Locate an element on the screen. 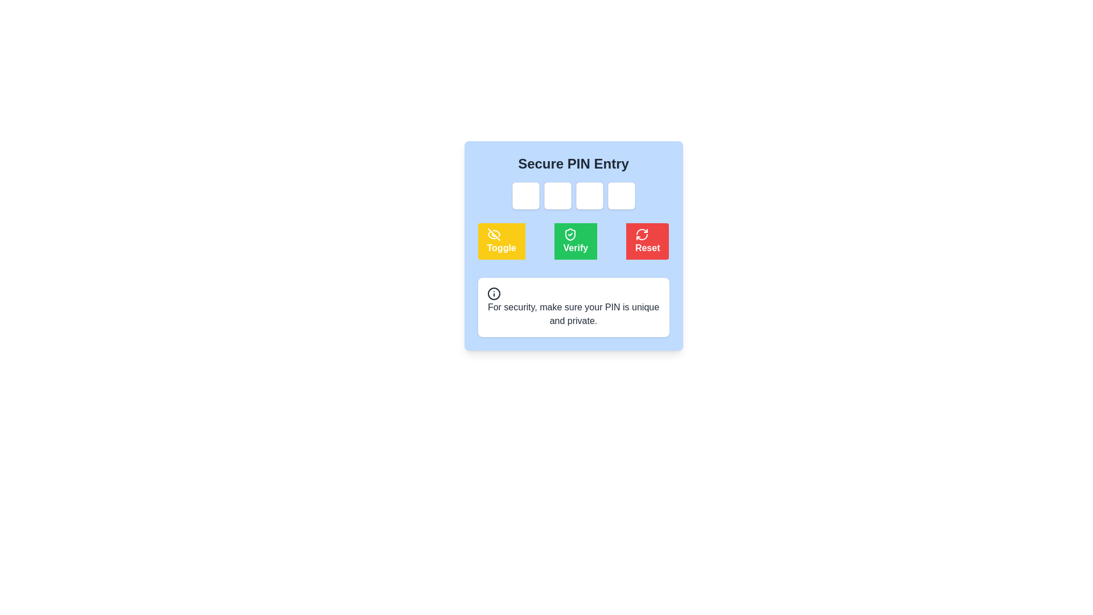 Image resolution: width=1093 pixels, height=615 pixels. the 'Toggle' button, which has a bright yellow background and an eye icon with a line crossing it is located at coordinates (501, 241).